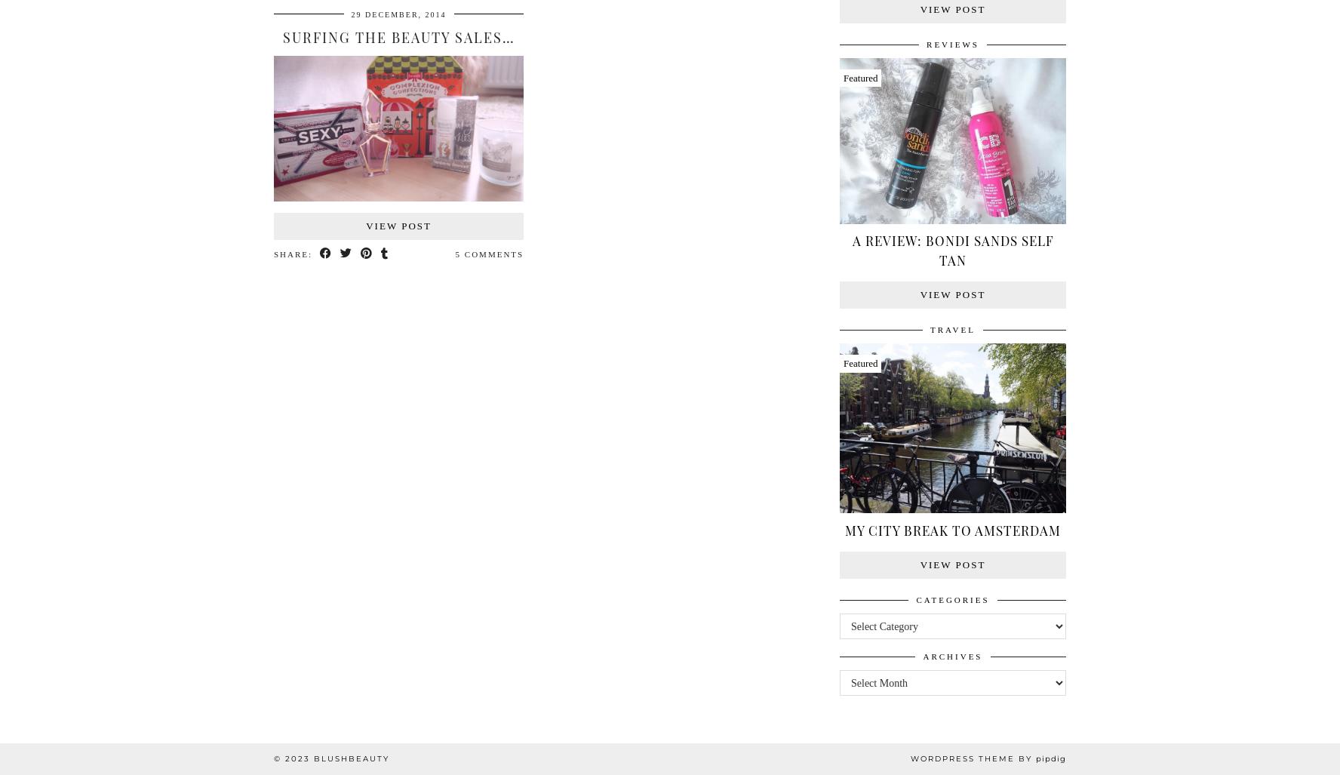 This screenshot has width=1340, height=775. I want to click on 'Reviews', so click(952, 43).